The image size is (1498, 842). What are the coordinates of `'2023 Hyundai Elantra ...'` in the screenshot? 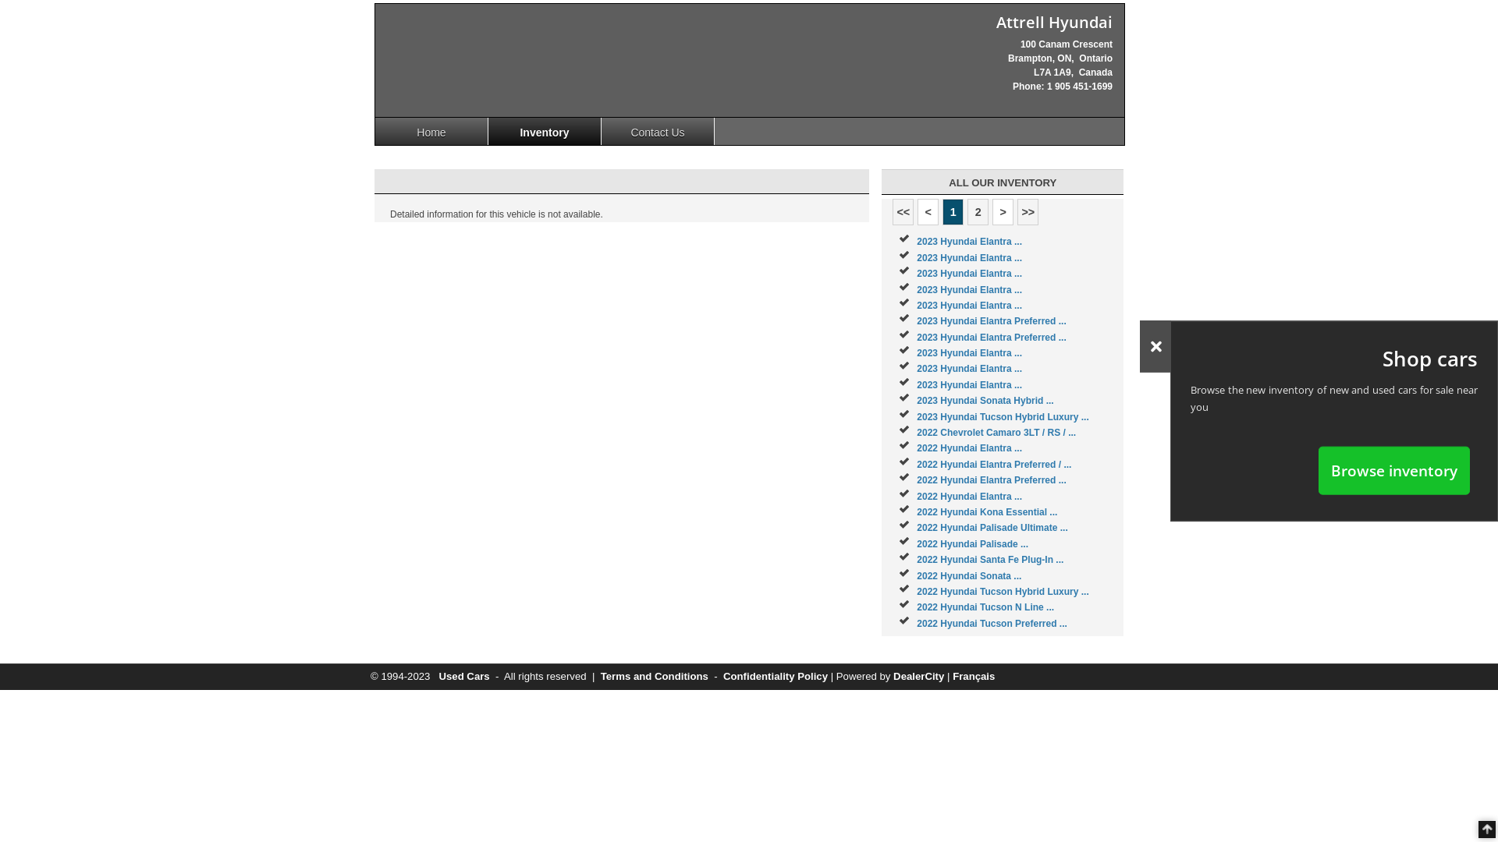 It's located at (968, 241).